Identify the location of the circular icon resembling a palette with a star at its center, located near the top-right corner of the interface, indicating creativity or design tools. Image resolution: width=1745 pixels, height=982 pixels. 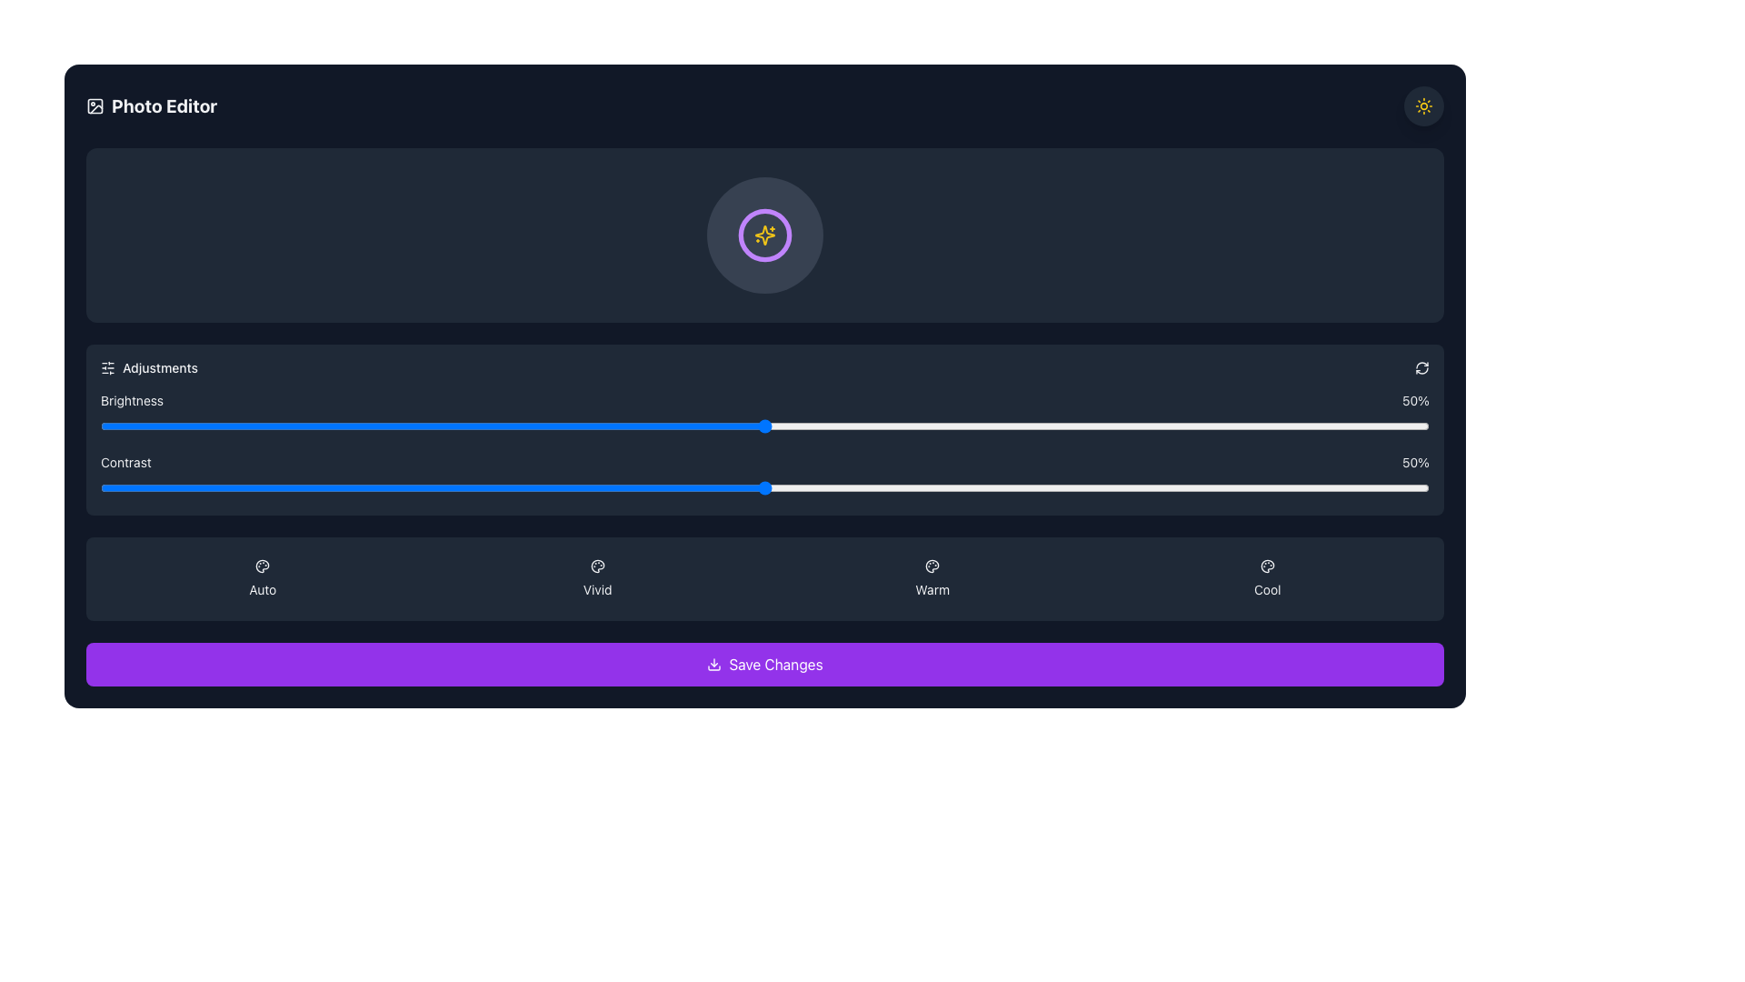
(597, 566).